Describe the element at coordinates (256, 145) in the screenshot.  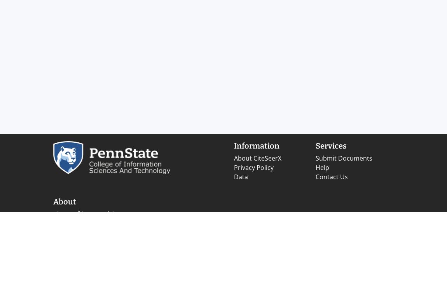
I see `'Information'` at that location.